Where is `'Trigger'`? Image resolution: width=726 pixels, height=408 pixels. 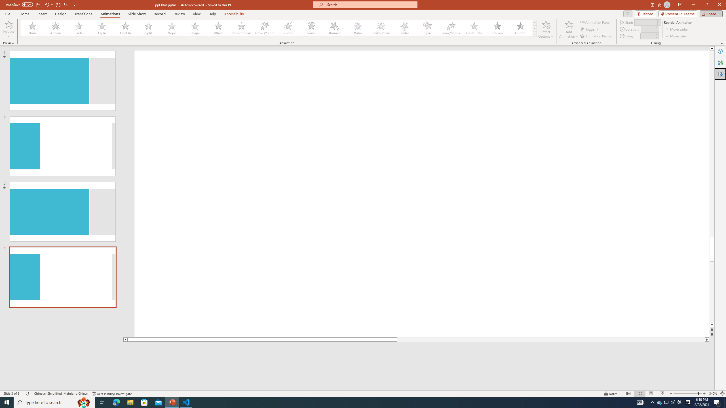
'Trigger' is located at coordinates (590, 29).